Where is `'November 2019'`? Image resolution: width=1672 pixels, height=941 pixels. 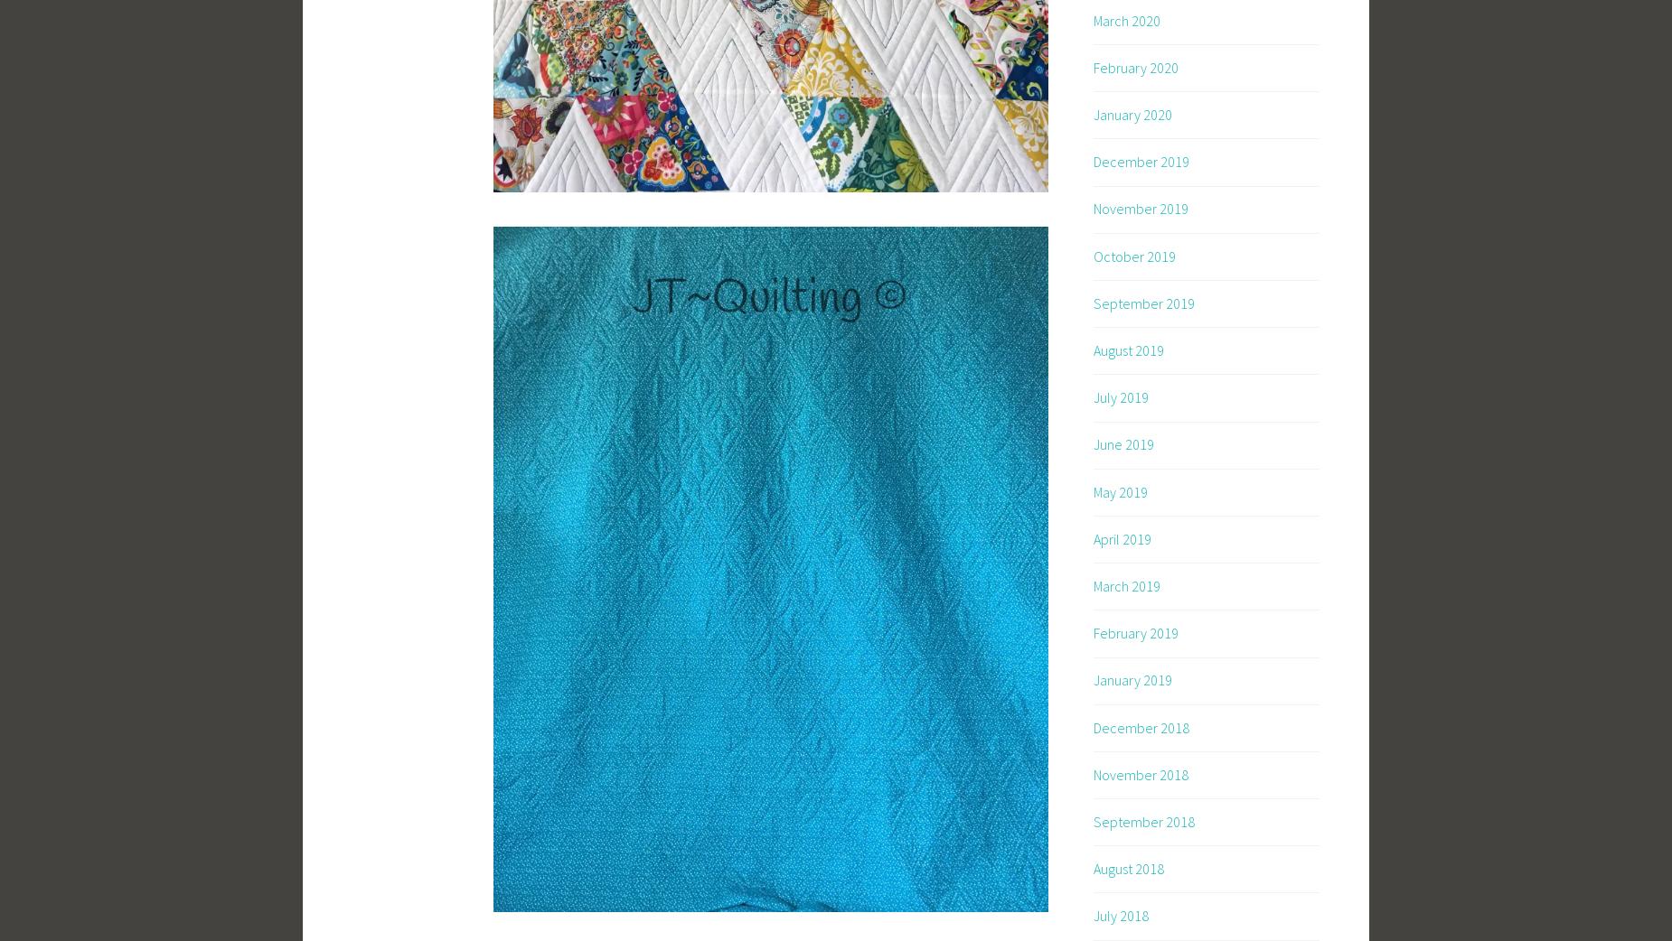 'November 2019' is located at coordinates (1140, 208).